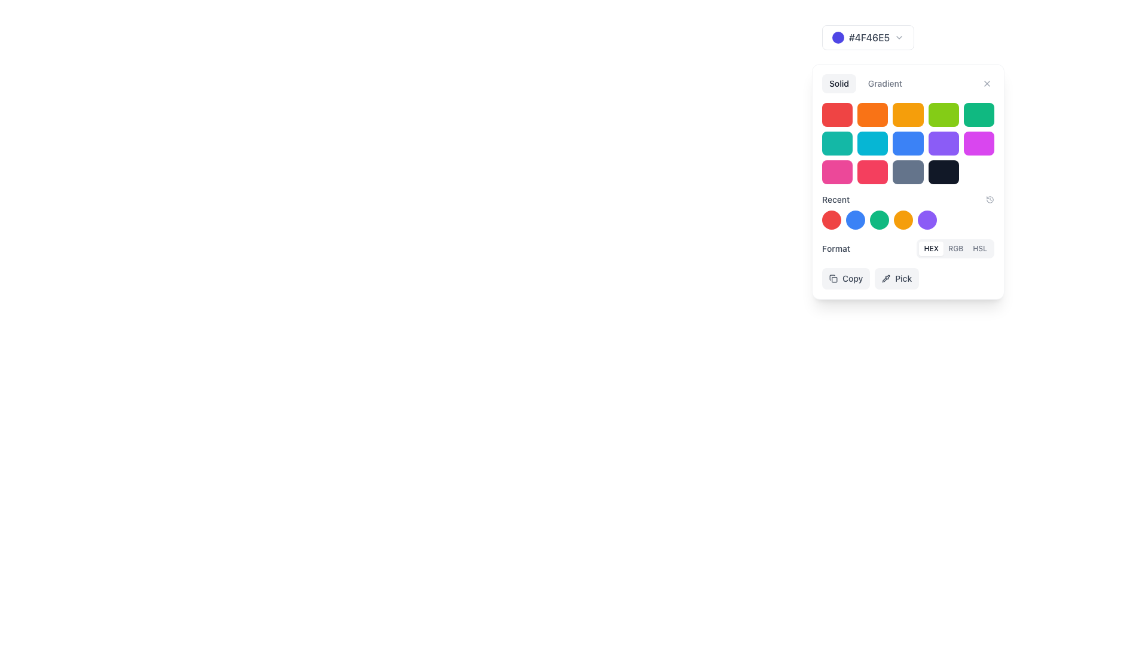 The height and width of the screenshot is (646, 1148). Describe the element at coordinates (908, 220) in the screenshot. I see `the fourth circular selectable color option filled with orange color under the 'Recent' section` at that location.